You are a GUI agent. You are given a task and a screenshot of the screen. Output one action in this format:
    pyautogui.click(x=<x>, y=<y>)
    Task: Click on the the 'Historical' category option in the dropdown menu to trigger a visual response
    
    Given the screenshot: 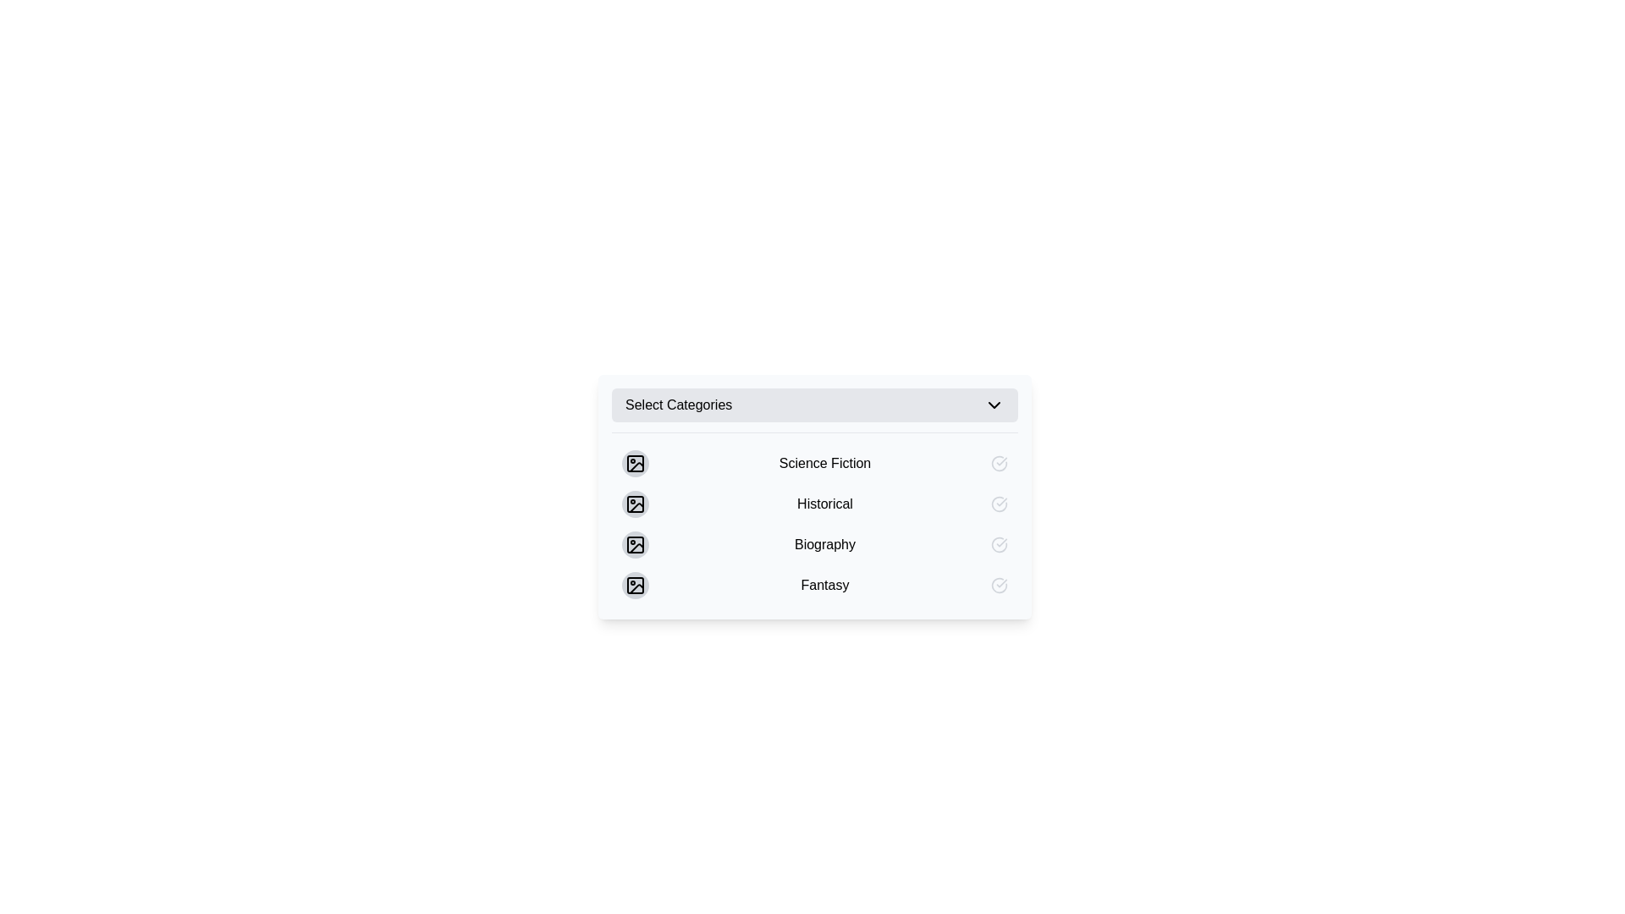 What is the action you would take?
    pyautogui.click(x=815, y=496)
    